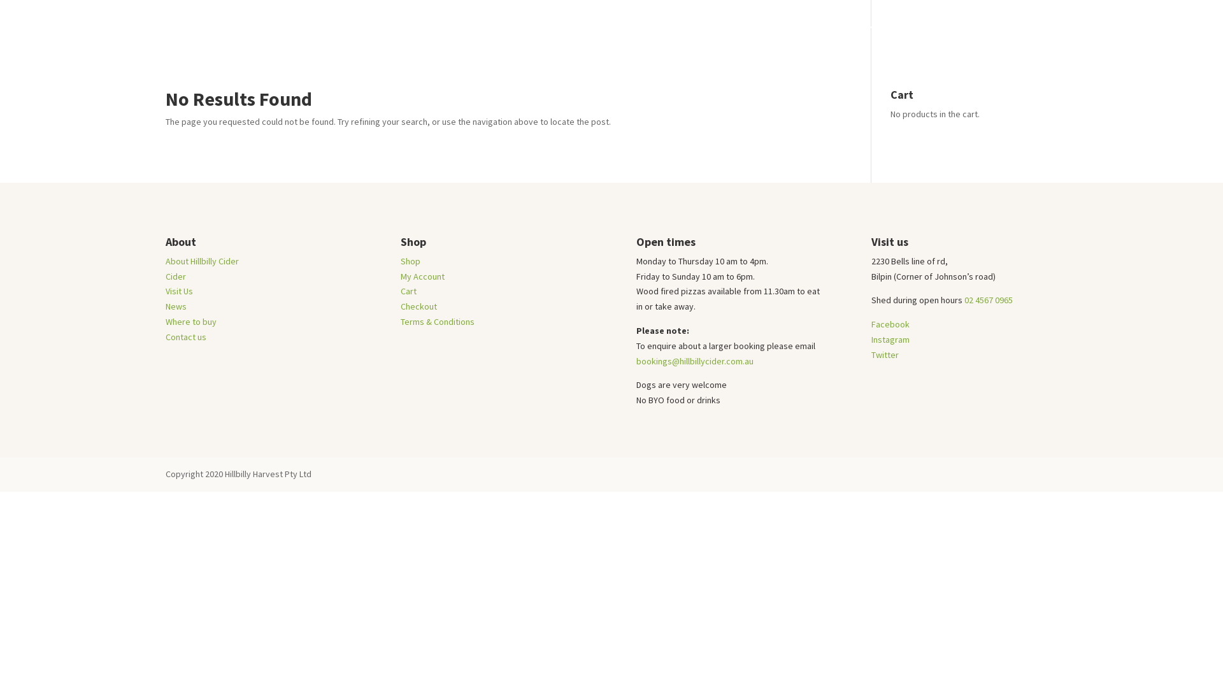  I want to click on 'Terms & Conditions', so click(437, 321).